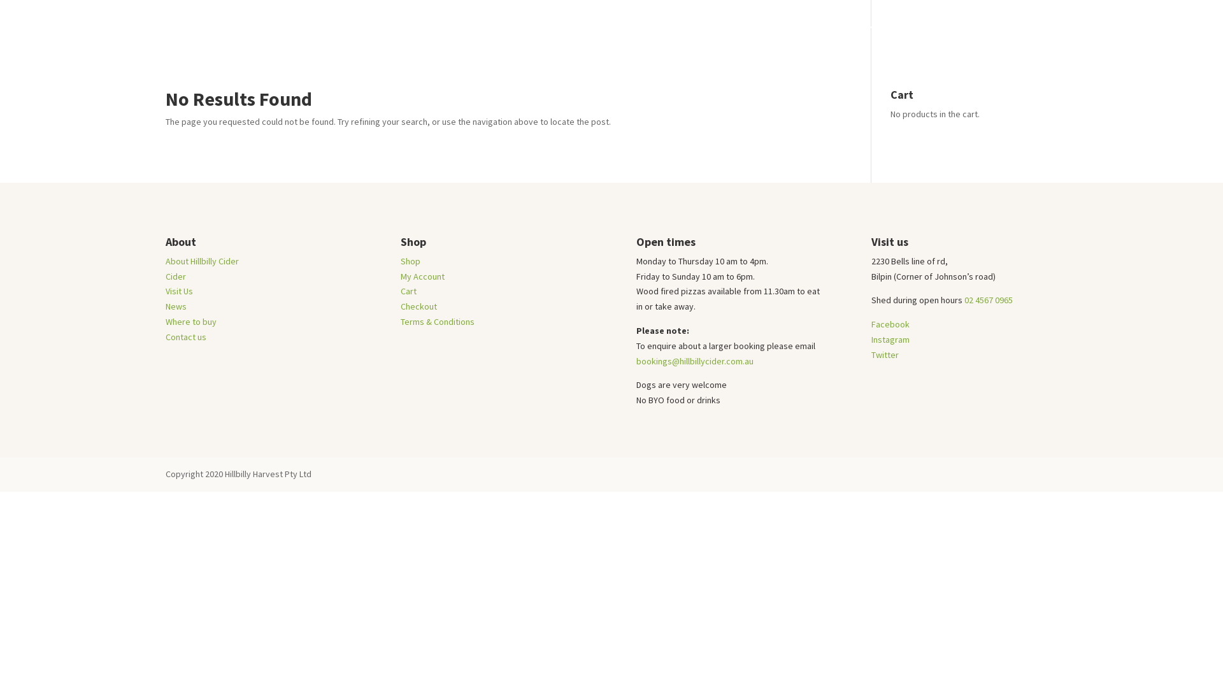  I want to click on 'Terms & Conditions', so click(437, 321).